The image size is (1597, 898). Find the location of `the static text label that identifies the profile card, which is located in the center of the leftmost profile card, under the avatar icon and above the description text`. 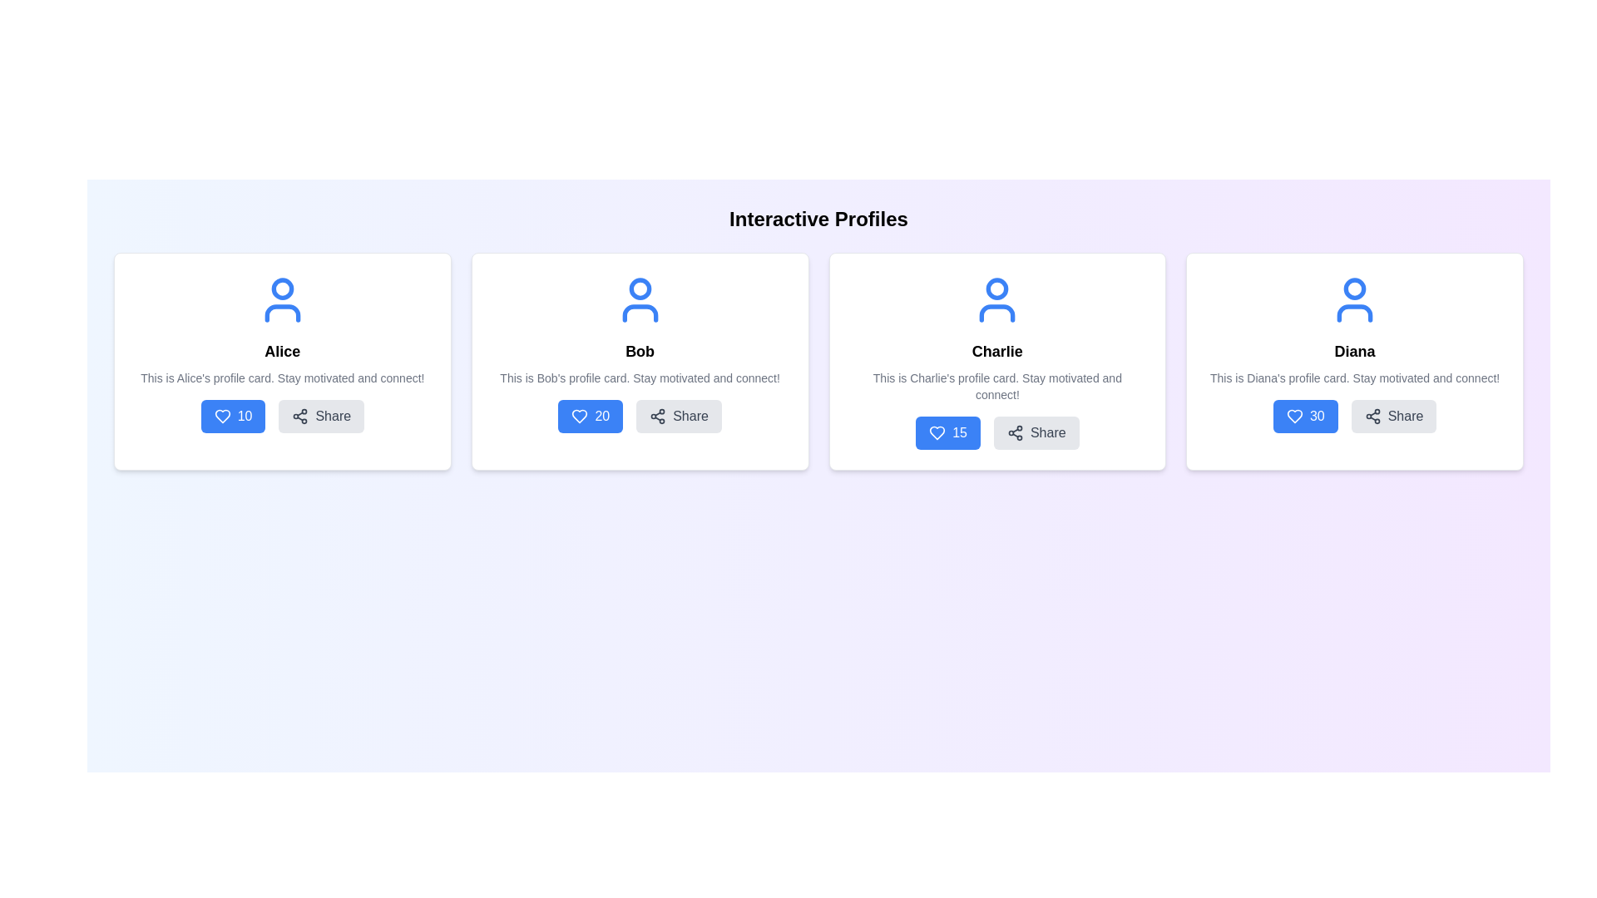

the static text label that identifies the profile card, which is located in the center of the leftmost profile card, under the avatar icon and above the description text is located at coordinates (282, 351).